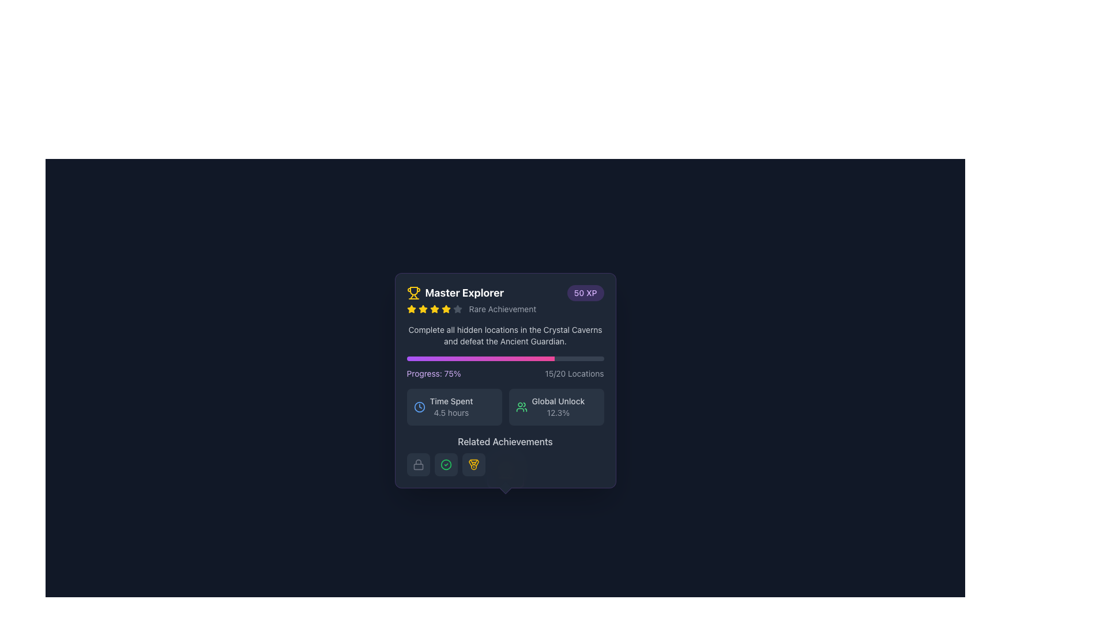  I want to click on the fourth star icon in the rating display for the 'Master Explorer' achievement card, located near the top section, so click(445, 308).